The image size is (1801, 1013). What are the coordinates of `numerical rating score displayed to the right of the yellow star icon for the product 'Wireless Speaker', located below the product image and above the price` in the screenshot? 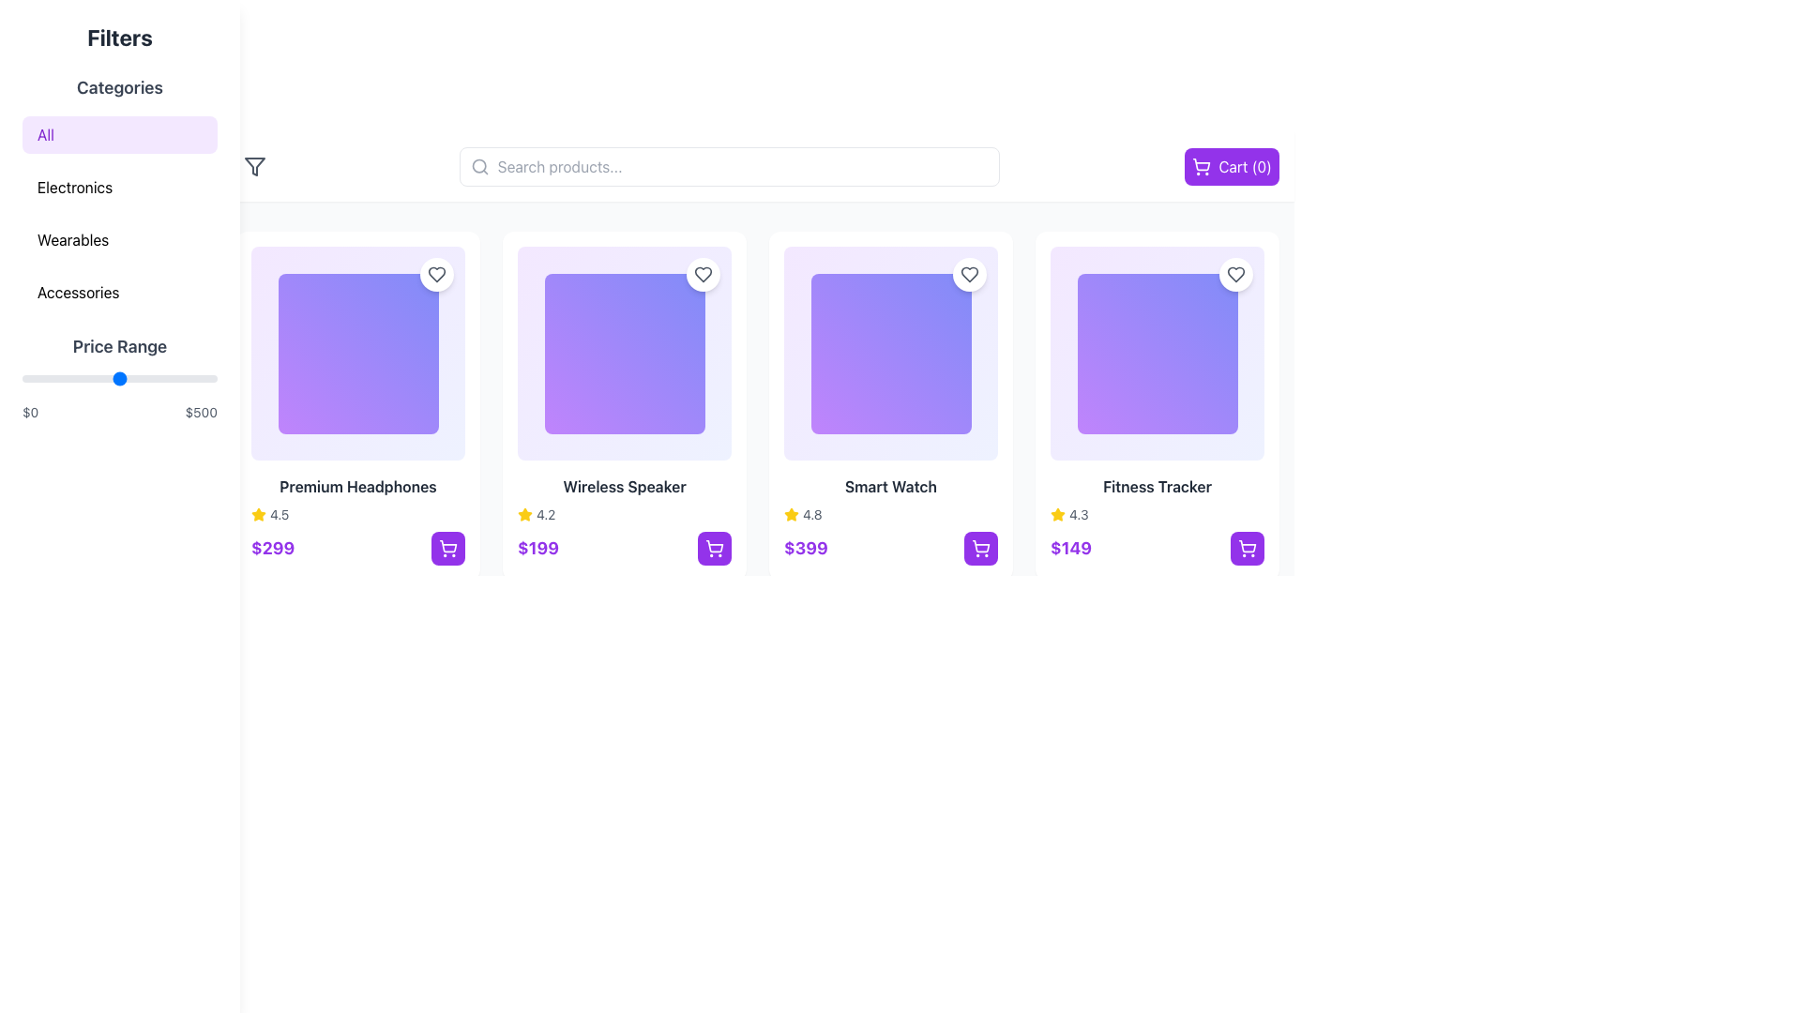 It's located at (545, 514).